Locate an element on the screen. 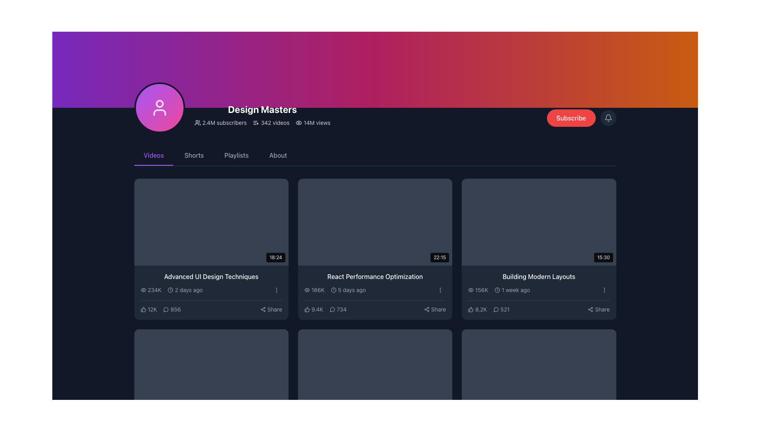  the comment icon located to the left of the comment count '734' beneath the video titled 'React Performance Optimization' is located at coordinates (332, 309).